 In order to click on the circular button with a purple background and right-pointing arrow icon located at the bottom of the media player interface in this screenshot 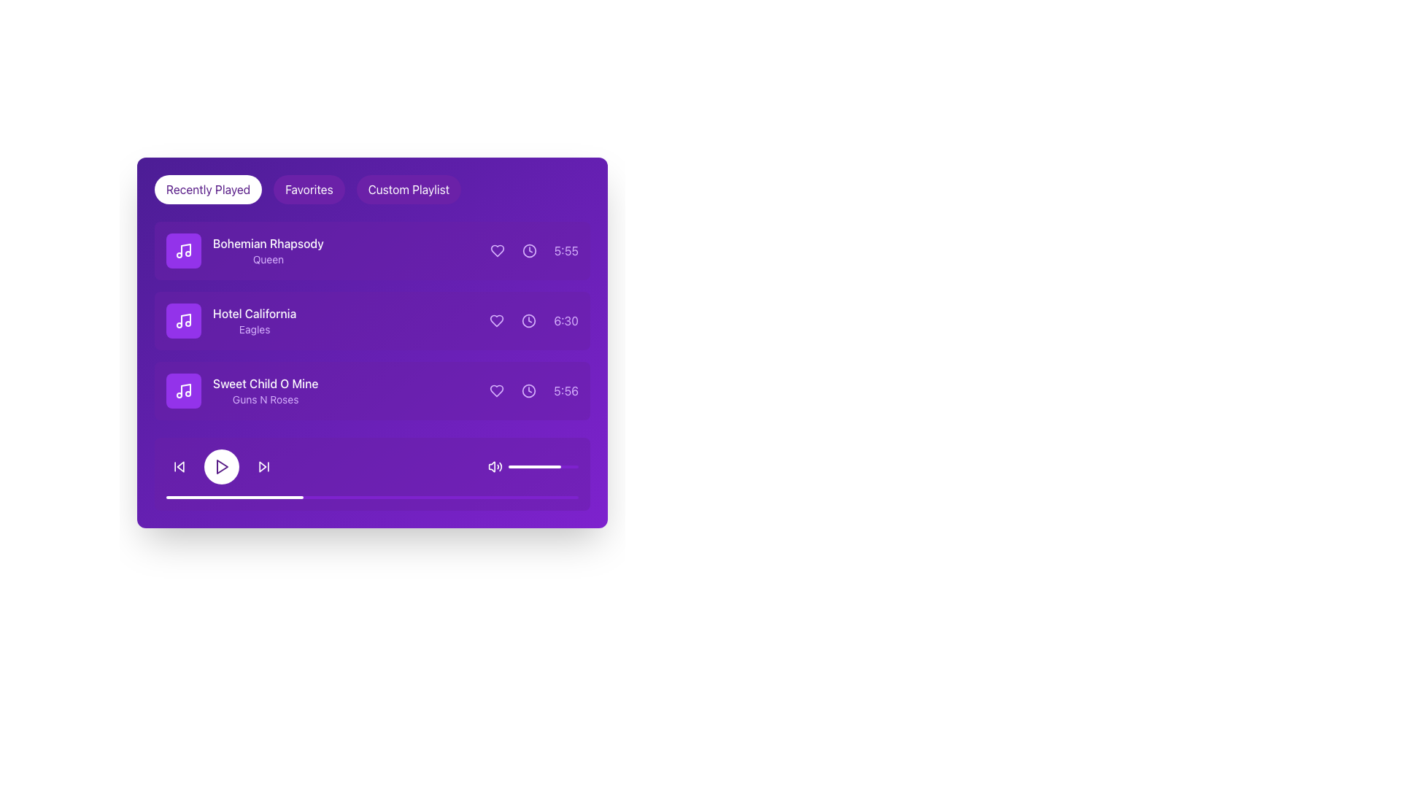, I will do `click(263, 467)`.